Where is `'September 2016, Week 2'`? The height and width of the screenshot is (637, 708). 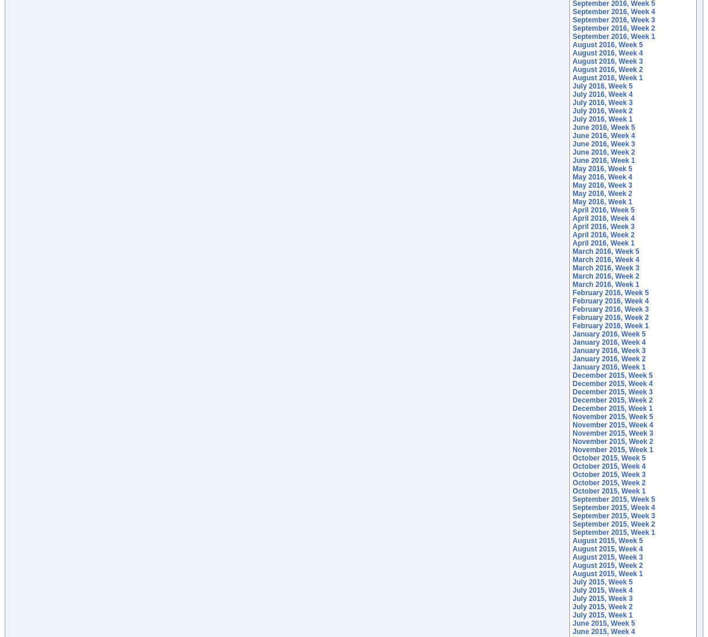
'September 2016, Week 2' is located at coordinates (614, 28).